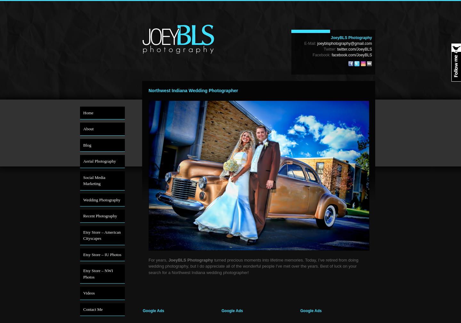 This screenshot has height=323, width=461. I want to click on 'Facebook:', so click(321, 55).